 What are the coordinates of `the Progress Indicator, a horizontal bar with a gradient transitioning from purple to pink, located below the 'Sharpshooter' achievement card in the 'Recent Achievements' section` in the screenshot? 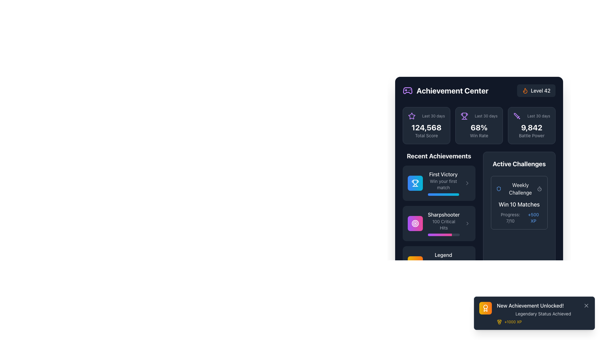 It's located at (439, 235).